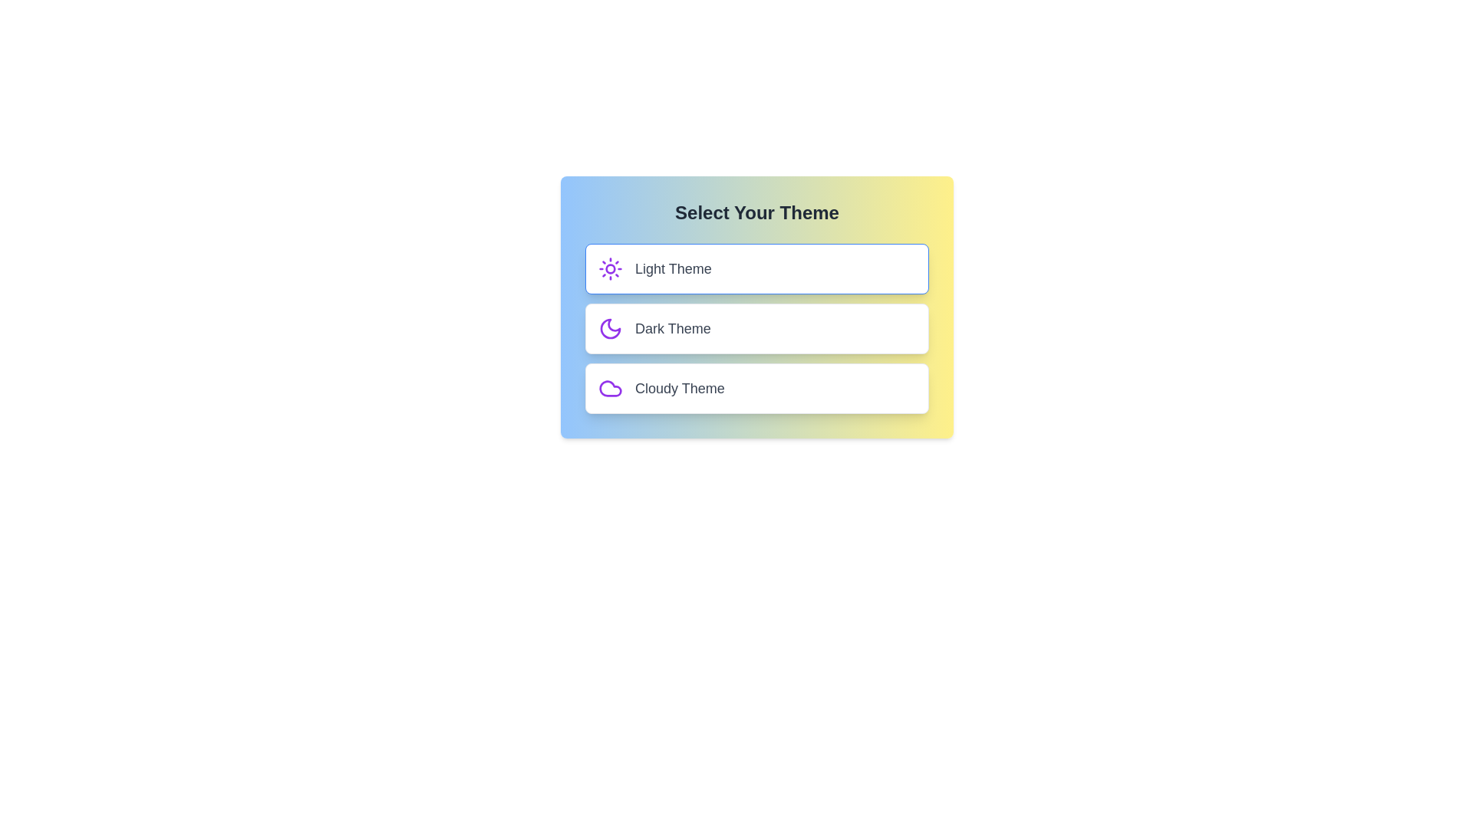 Image resolution: width=1473 pixels, height=828 pixels. What do you see at coordinates (757, 212) in the screenshot?
I see `the title text label that clarifies the purpose of the interface for choosing a theme, positioned at the top of the gradient box` at bounding box center [757, 212].